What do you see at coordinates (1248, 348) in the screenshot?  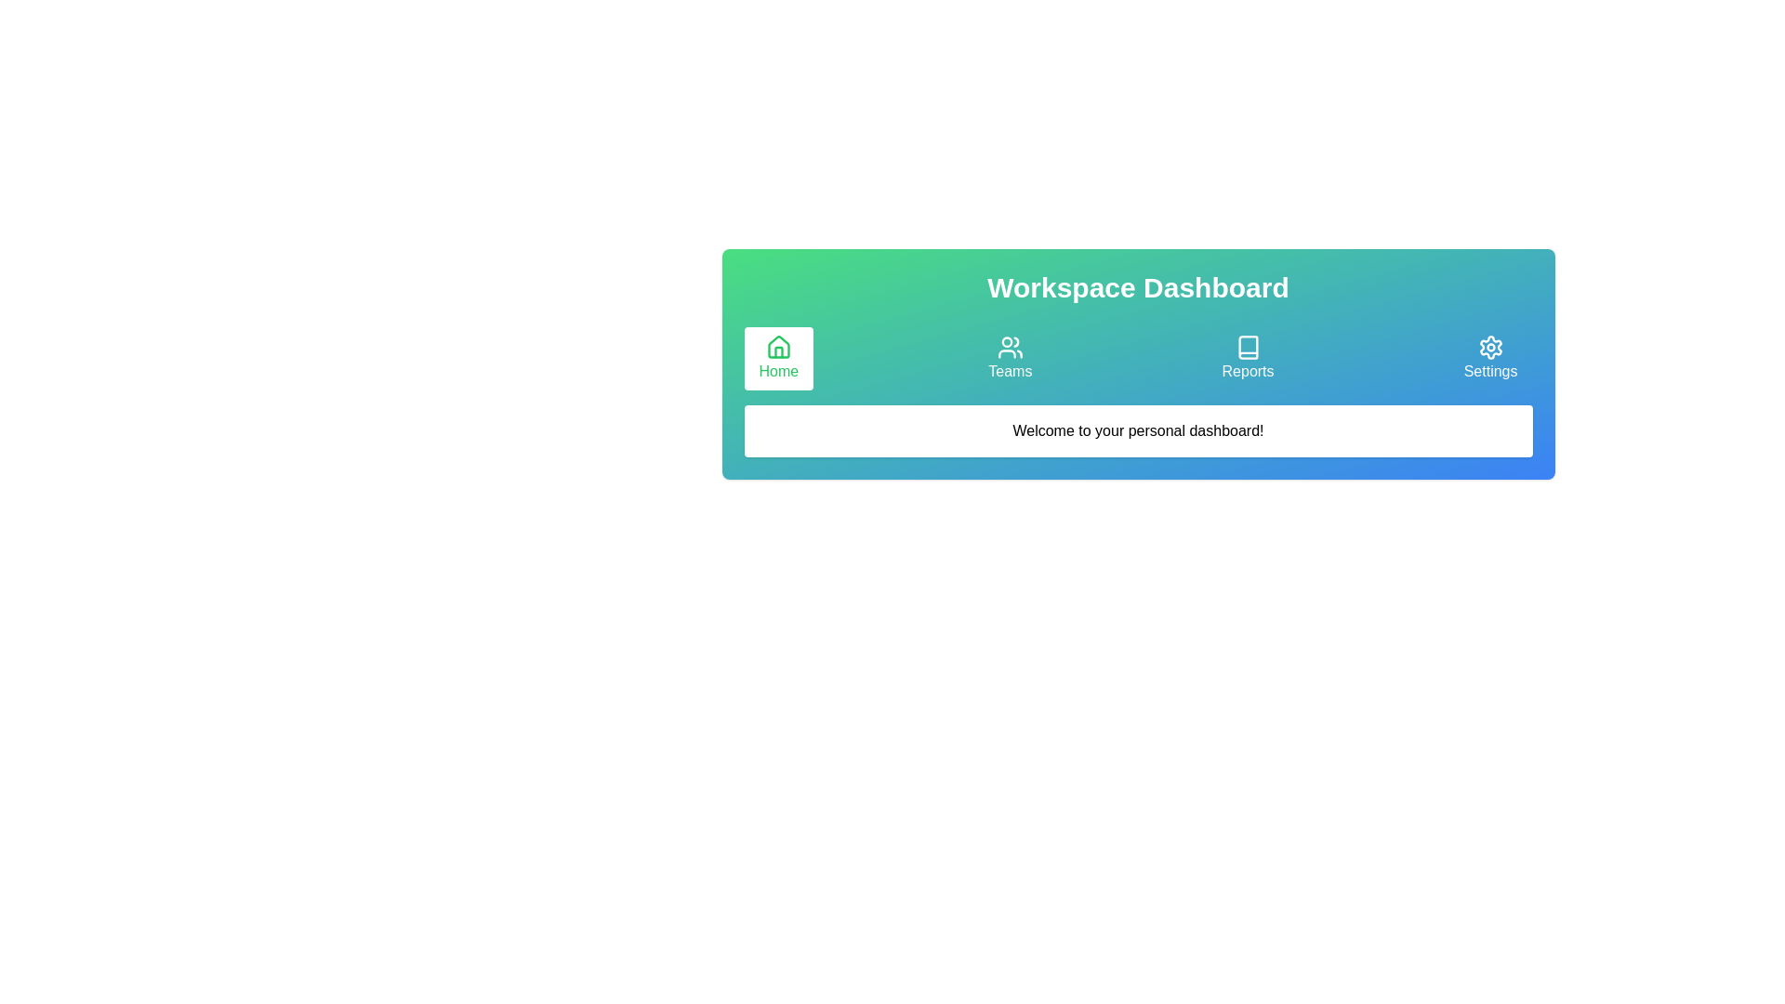 I see `the light blue outline book icon located above the 'Reports' text in the top navigation bar, positioned between the 'Teams' and 'Settings' buttons` at bounding box center [1248, 348].